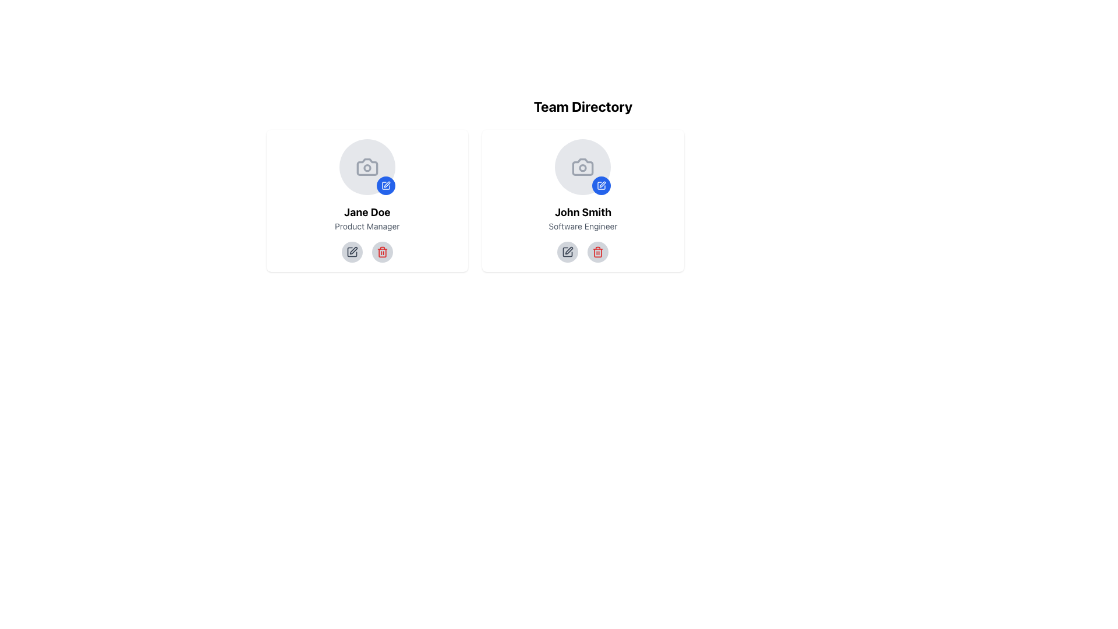  I want to click on the static text displaying the role or title of 'John Smith' located in the second card of the user profiles list, positioned below the name and above the interactive icons, so click(583, 227).